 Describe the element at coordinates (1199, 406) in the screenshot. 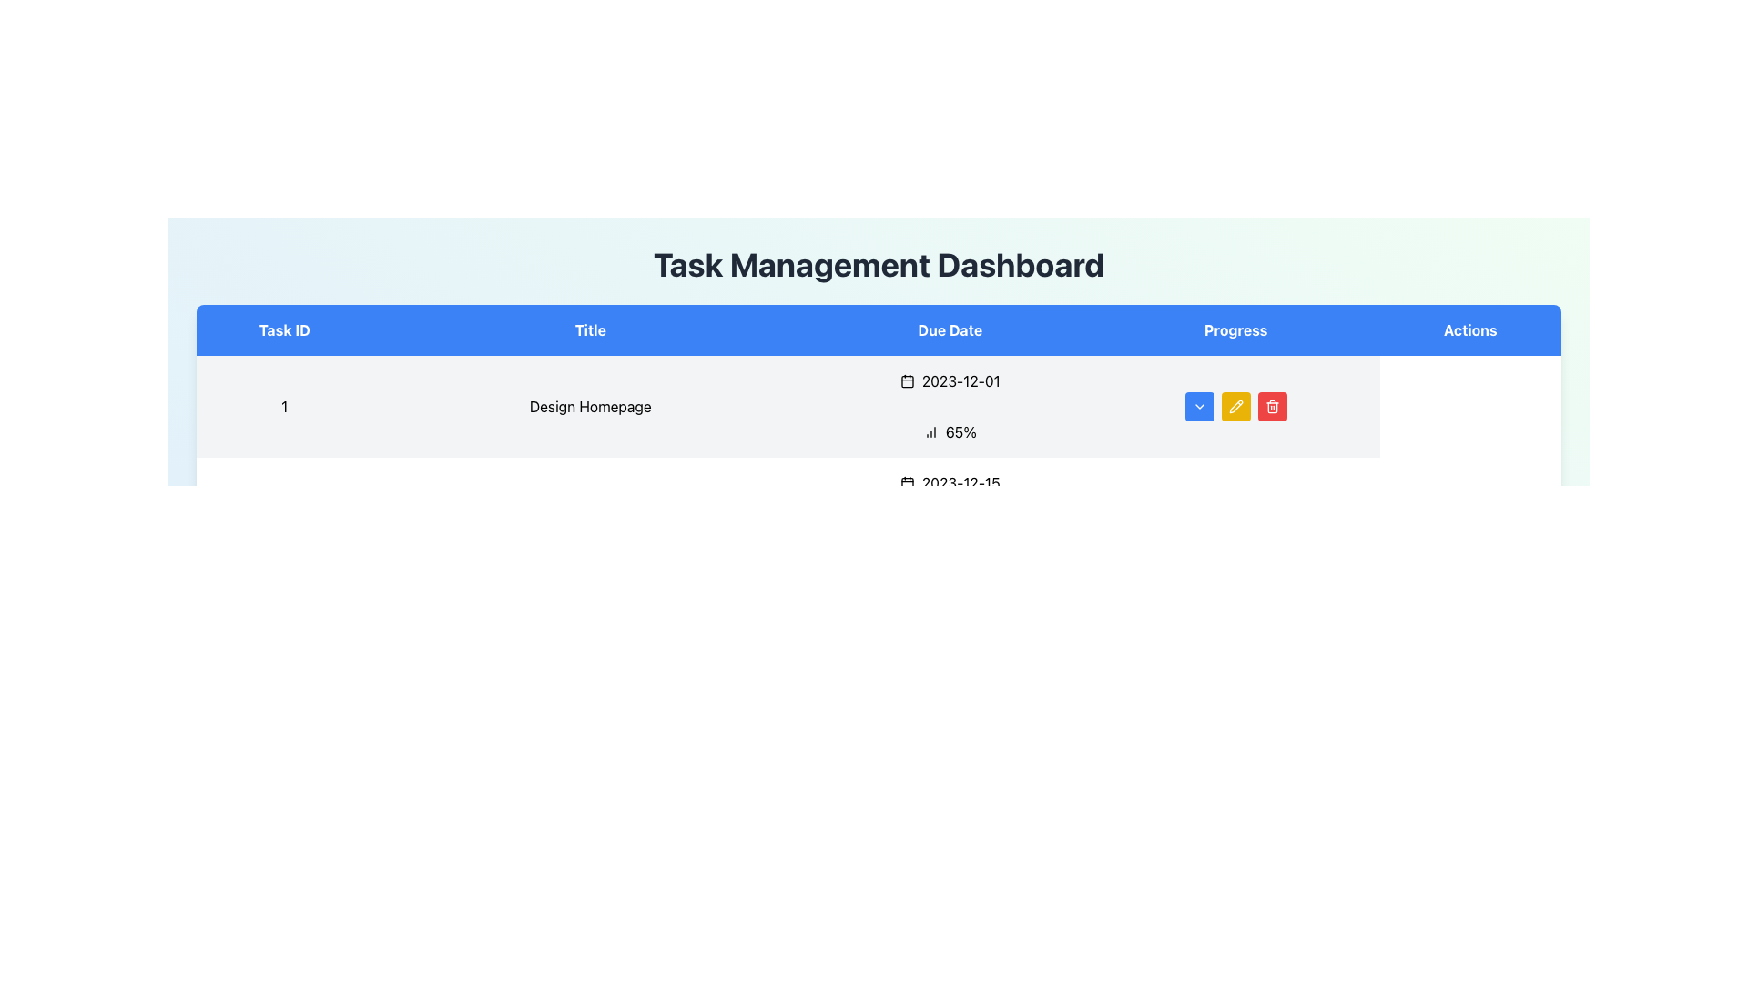

I see `the dropdown button located in the 'Actions' column of the first row of the task table` at that location.